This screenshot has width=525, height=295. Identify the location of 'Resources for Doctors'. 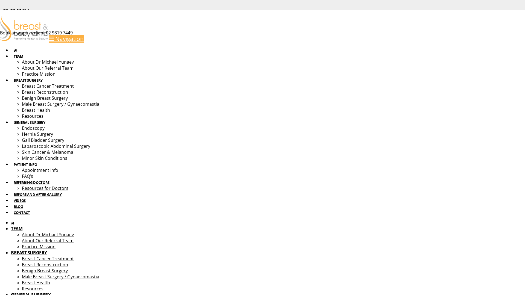
(22, 188).